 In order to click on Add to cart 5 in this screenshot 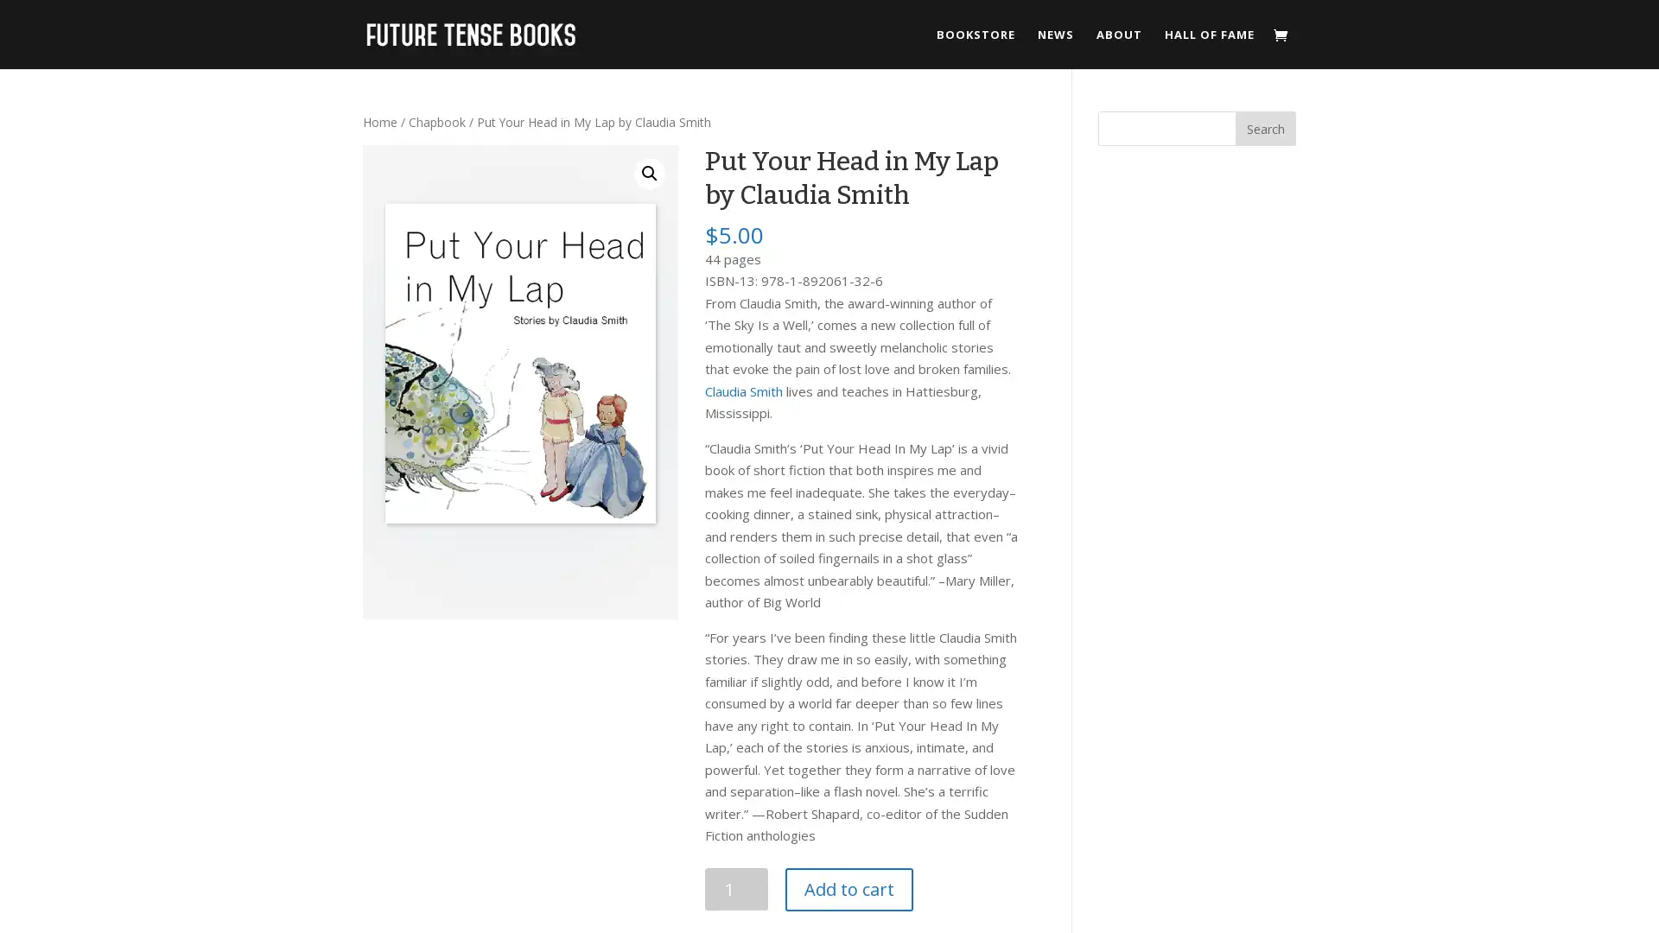, I will do `click(849, 889)`.